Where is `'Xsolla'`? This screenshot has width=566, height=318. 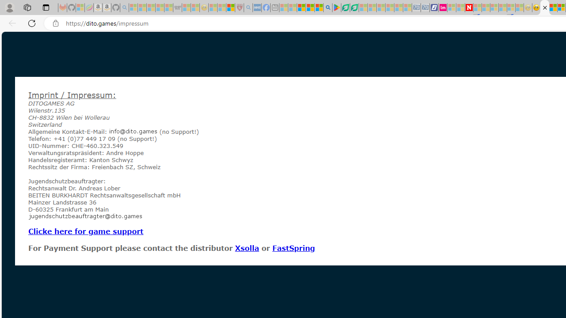
'Xsolla' is located at coordinates (247, 248).